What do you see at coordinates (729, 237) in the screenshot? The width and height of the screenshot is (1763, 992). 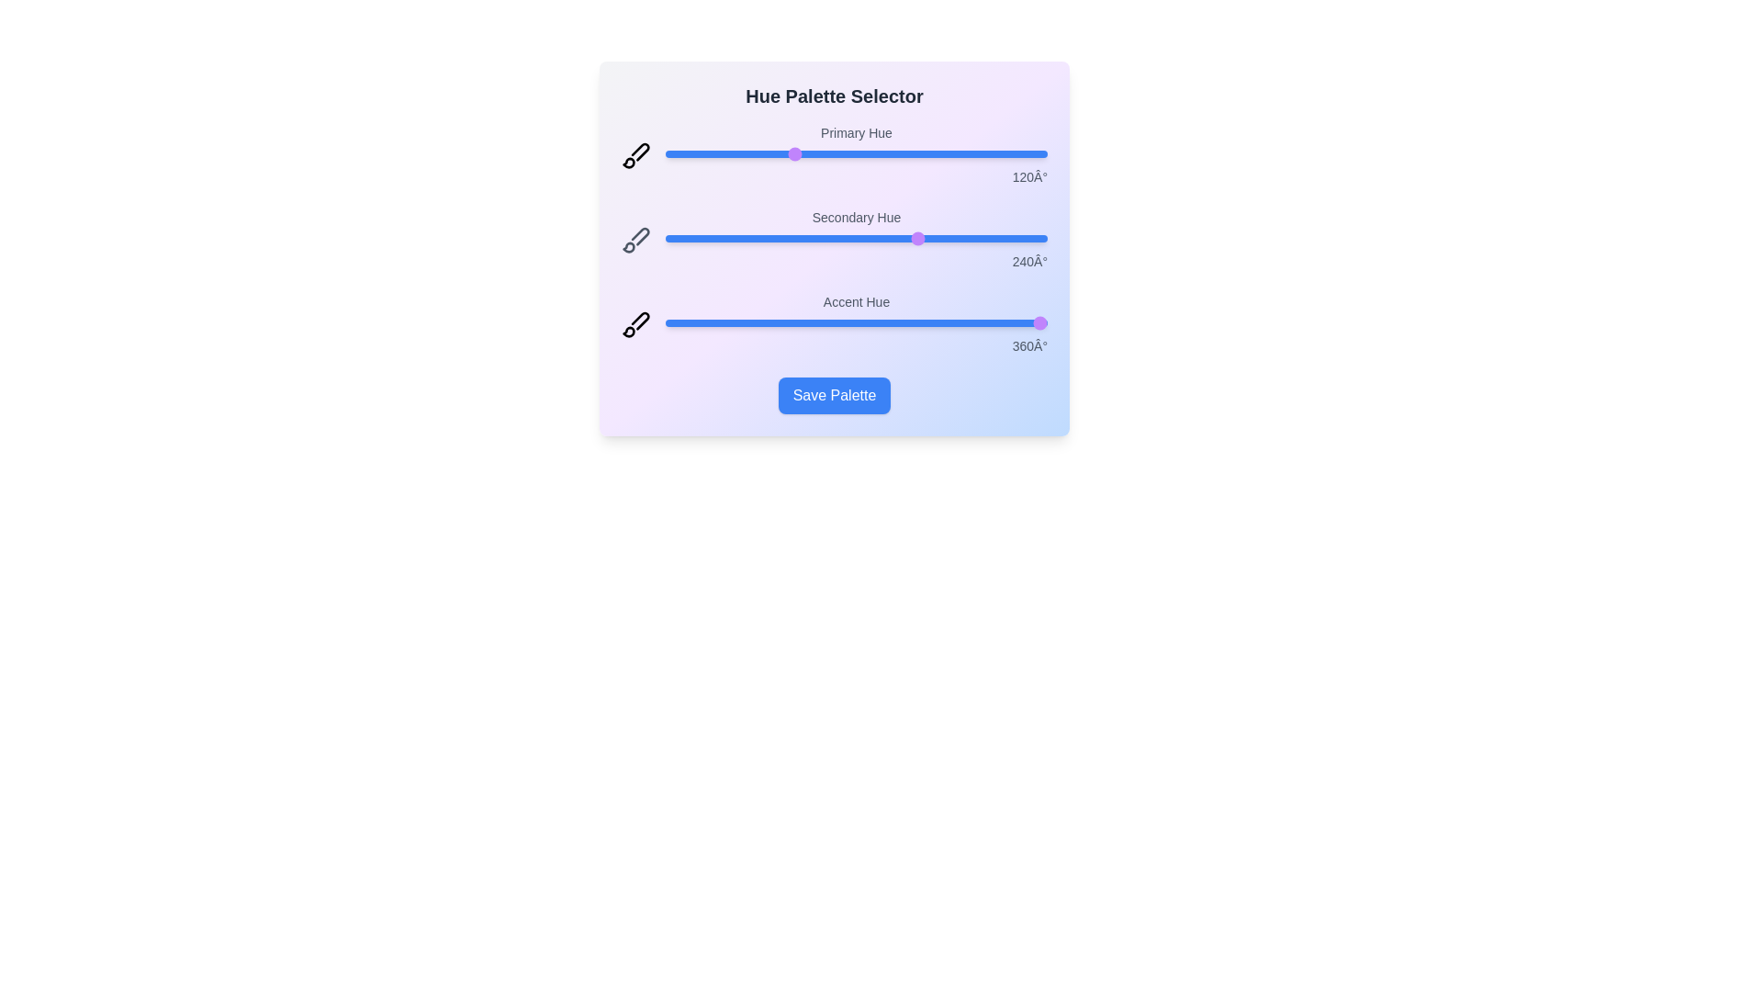 I see `the 'Secondary Hue' slider to 61 degrees` at bounding box center [729, 237].